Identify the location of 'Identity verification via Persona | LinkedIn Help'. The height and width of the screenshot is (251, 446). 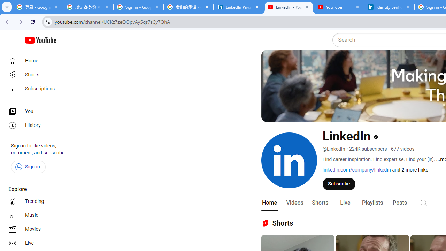
(389, 7).